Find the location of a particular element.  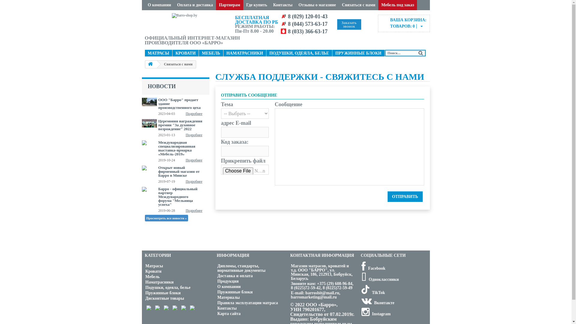

'Facebook' is located at coordinates (373, 268).